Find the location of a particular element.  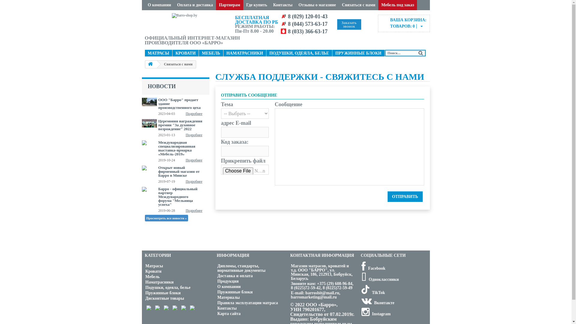

'Facebook' is located at coordinates (373, 268).